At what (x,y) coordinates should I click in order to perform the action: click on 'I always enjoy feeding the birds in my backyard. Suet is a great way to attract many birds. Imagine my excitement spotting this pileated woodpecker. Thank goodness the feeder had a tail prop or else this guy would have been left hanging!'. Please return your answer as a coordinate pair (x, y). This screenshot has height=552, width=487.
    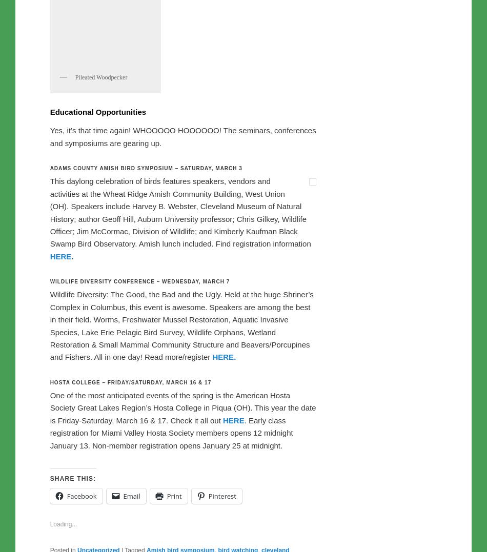
    Looking at the image, I should click on (173, 160).